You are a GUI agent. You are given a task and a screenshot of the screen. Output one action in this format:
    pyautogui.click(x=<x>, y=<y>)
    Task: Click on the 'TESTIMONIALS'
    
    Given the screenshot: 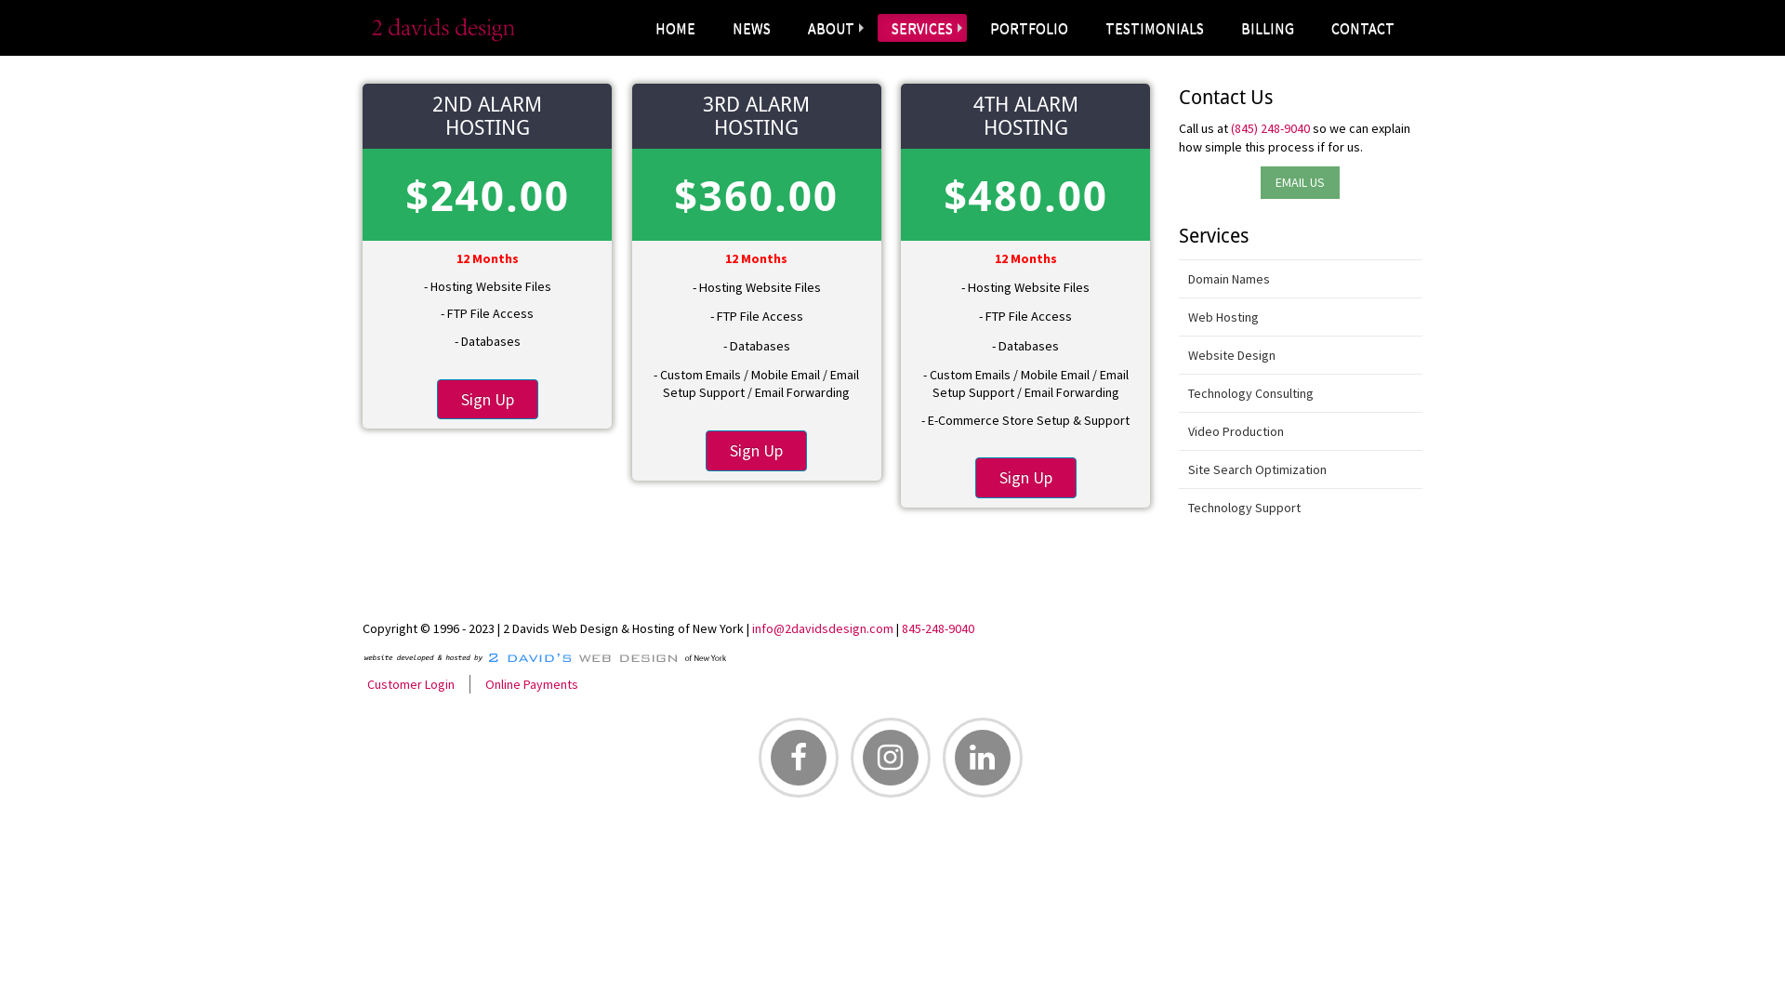 What is the action you would take?
    pyautogui.click(x=1154, y=28)
    